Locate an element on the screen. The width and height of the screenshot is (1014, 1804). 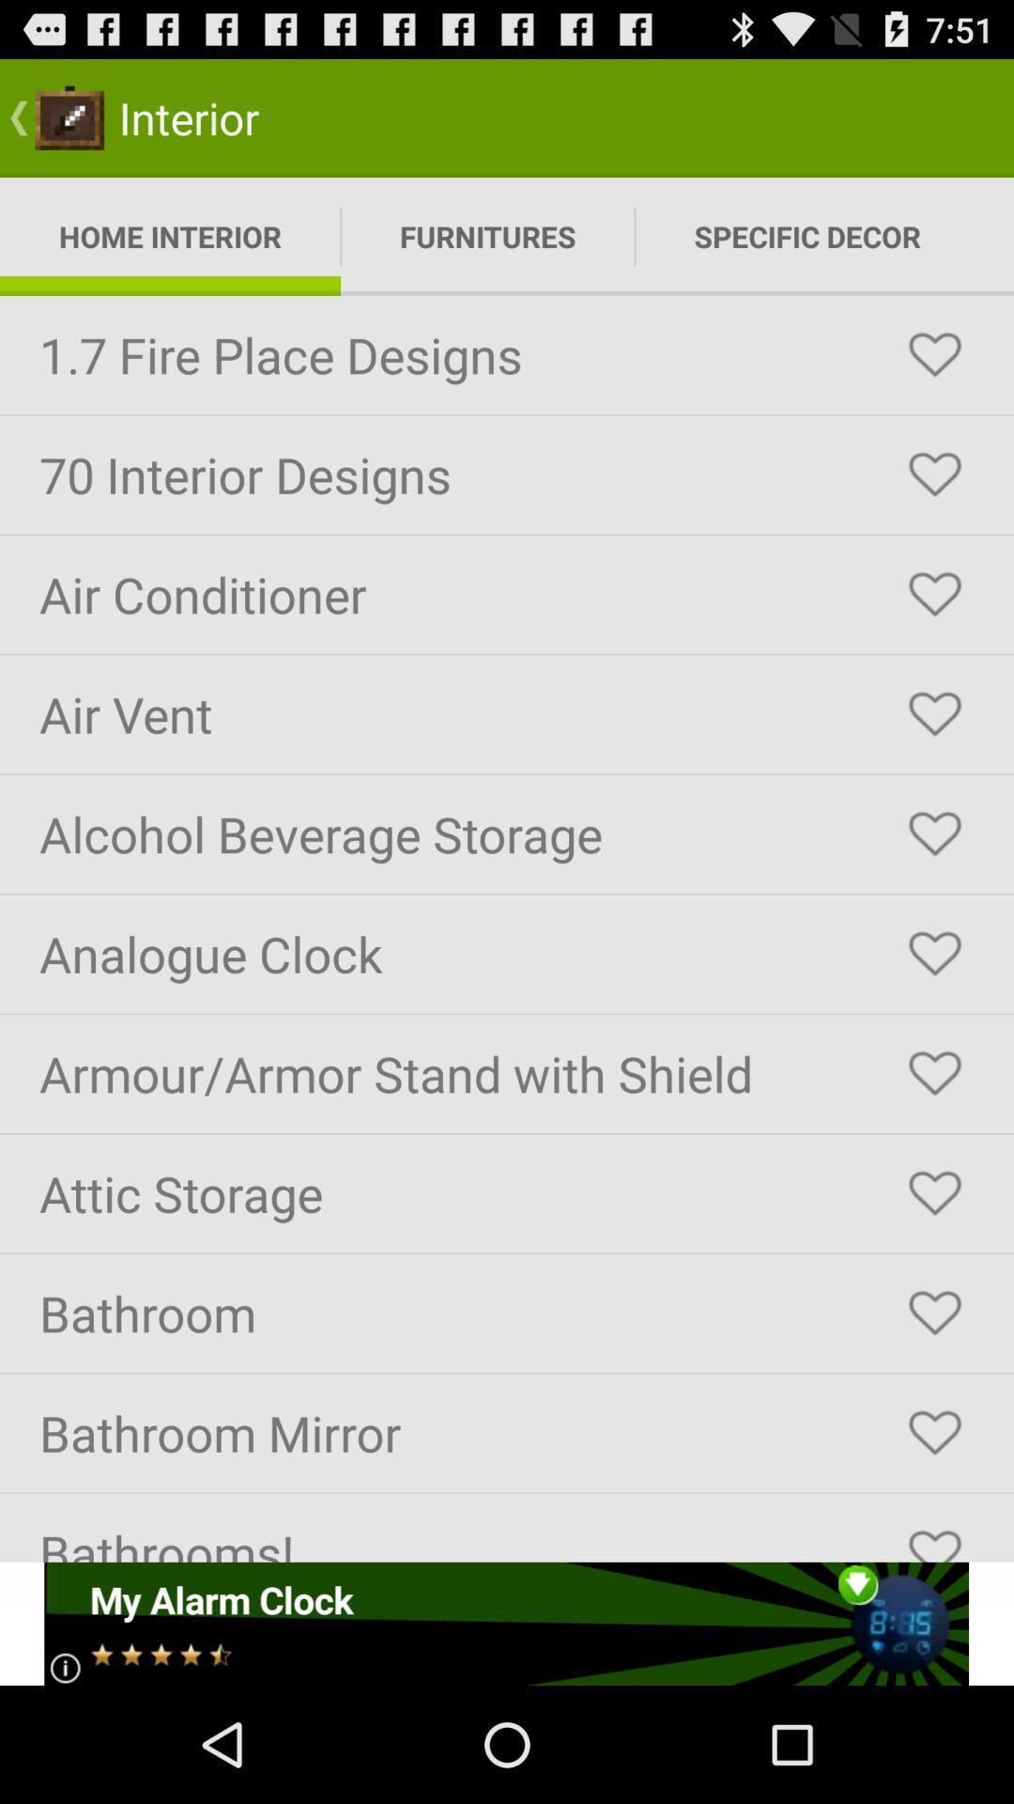
like the feature is located at coordinates (934, 833).